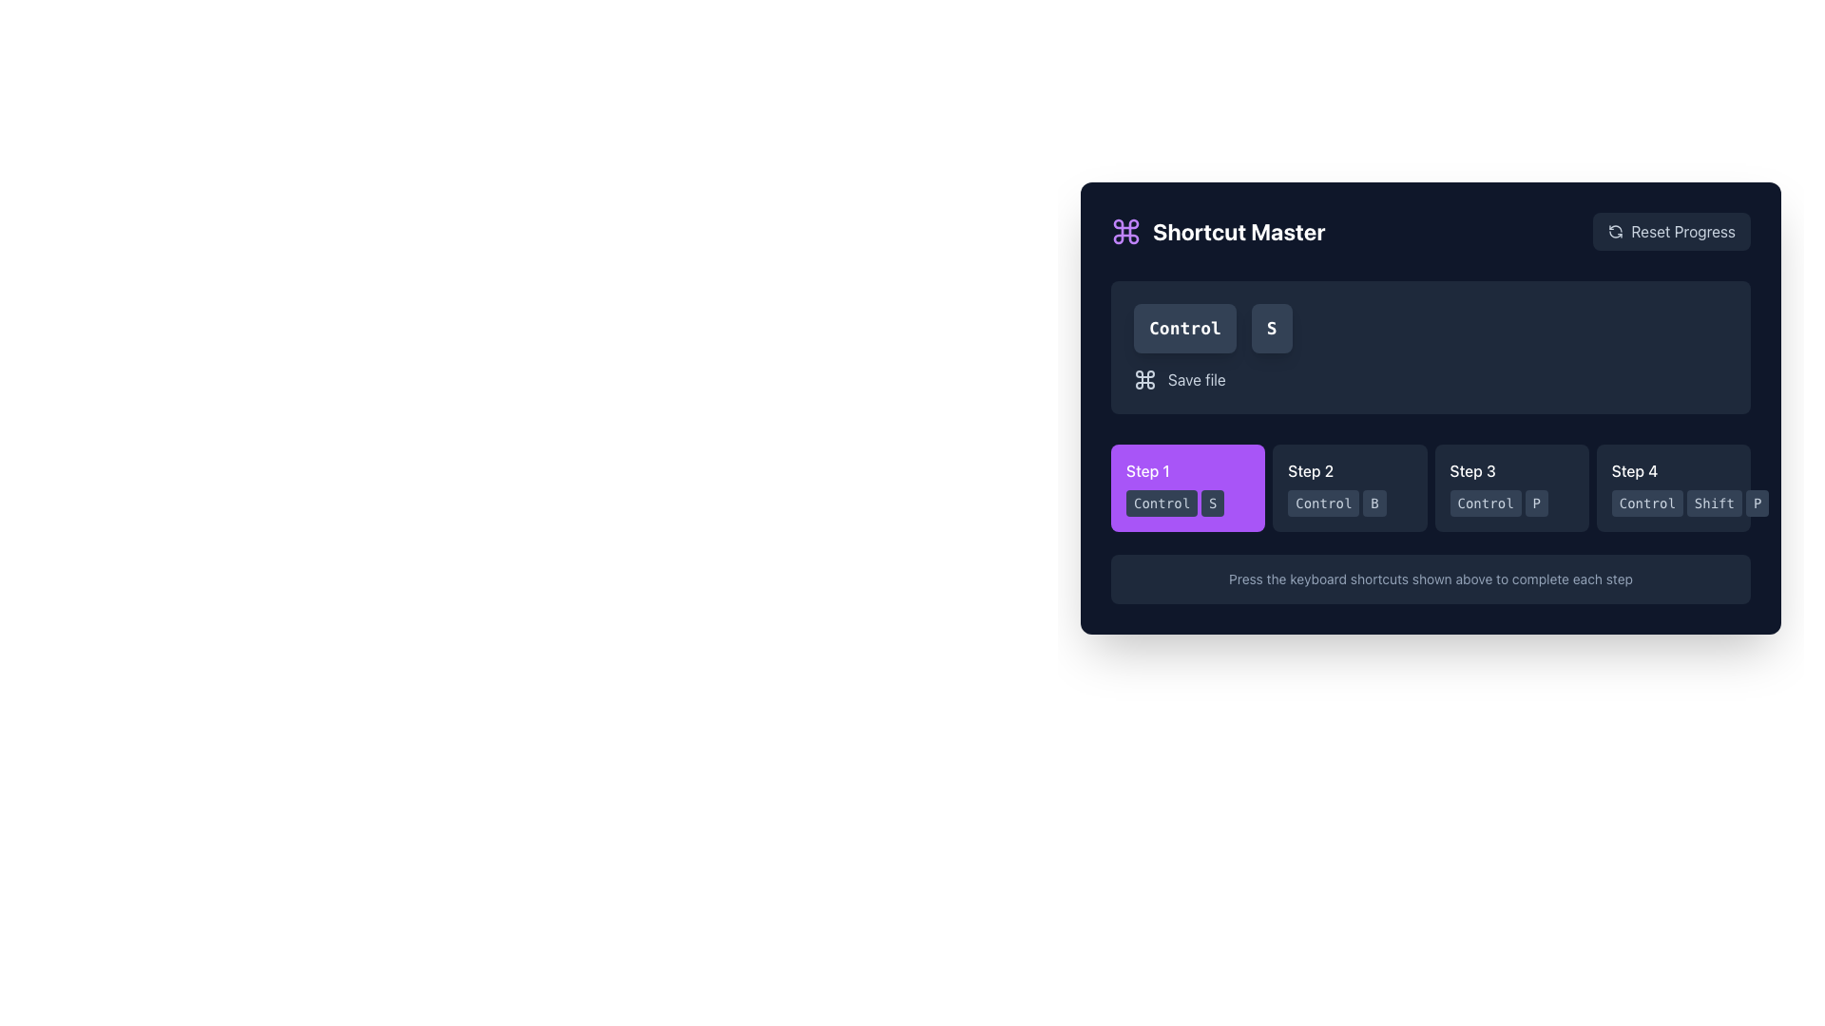  What do you see at coordinates (1683, 230) in the screenshot?
I see `the 'Reset Progress' text label located in the top-right corner of the interface` at bounding box center [1683, 230].